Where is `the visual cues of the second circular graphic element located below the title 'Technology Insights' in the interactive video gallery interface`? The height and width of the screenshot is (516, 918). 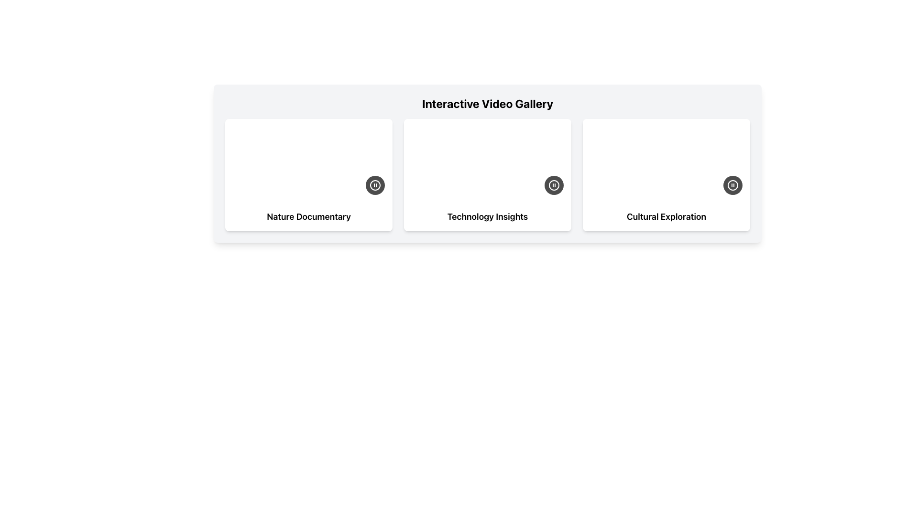
the visual cues of the second circular graphic element located below the title 'Technology Insights' in the interactive video gallery interface is located at coordinates (554, 185).